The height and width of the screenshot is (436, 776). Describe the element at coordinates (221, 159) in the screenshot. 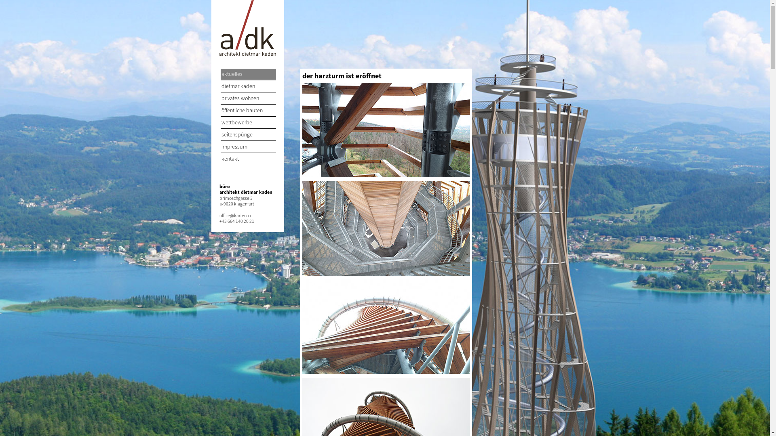

I see `'kontakt'` at that location.